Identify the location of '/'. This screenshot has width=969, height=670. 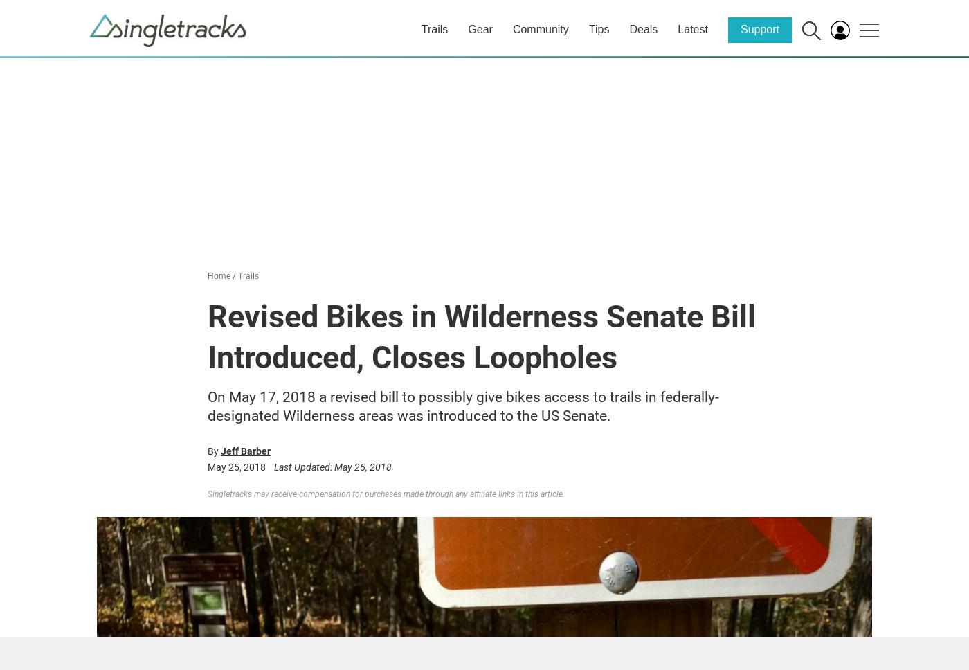
(234, 275).